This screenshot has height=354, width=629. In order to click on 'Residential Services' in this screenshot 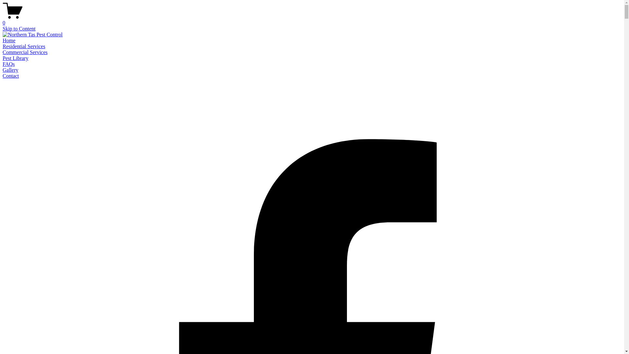, I will do `click(24, 46)`.